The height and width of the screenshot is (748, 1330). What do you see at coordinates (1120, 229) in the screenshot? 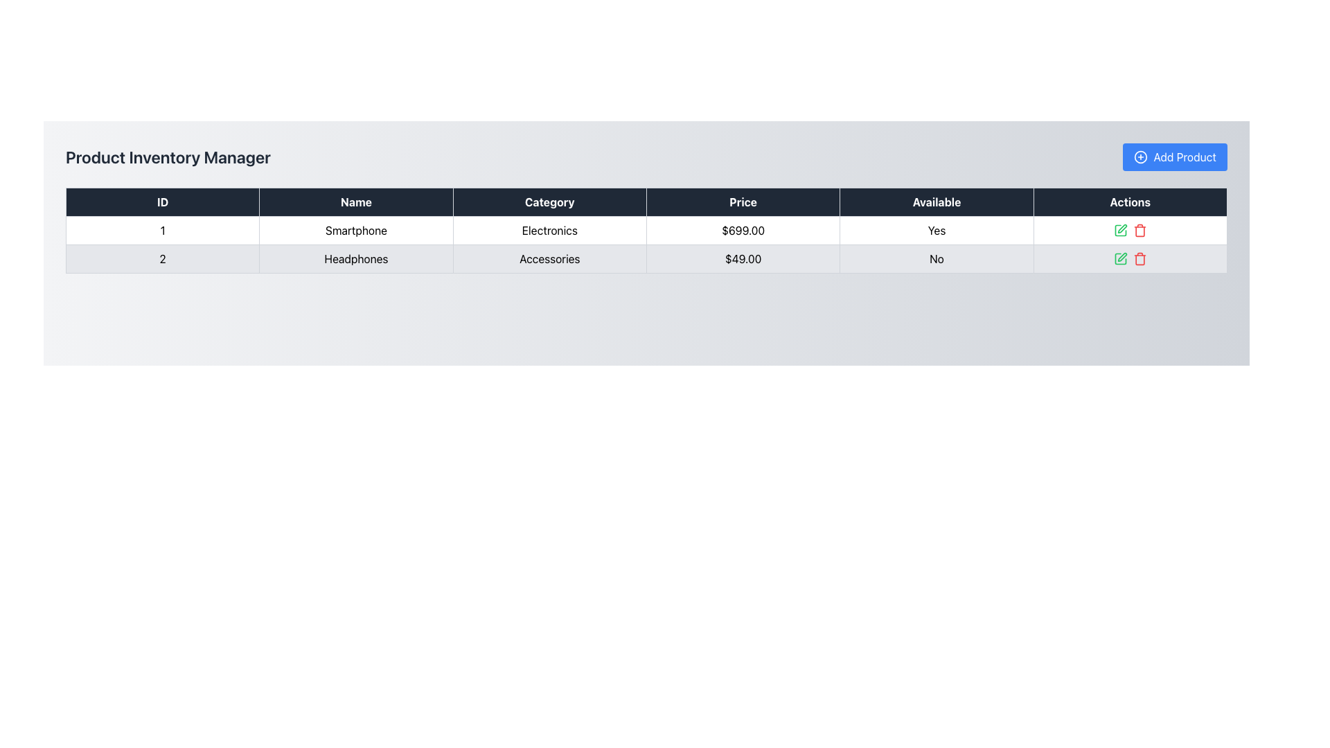
I see `the green pencil icon in the 'Actions' column of the second row of the table` at bounding box center [1120, 229].